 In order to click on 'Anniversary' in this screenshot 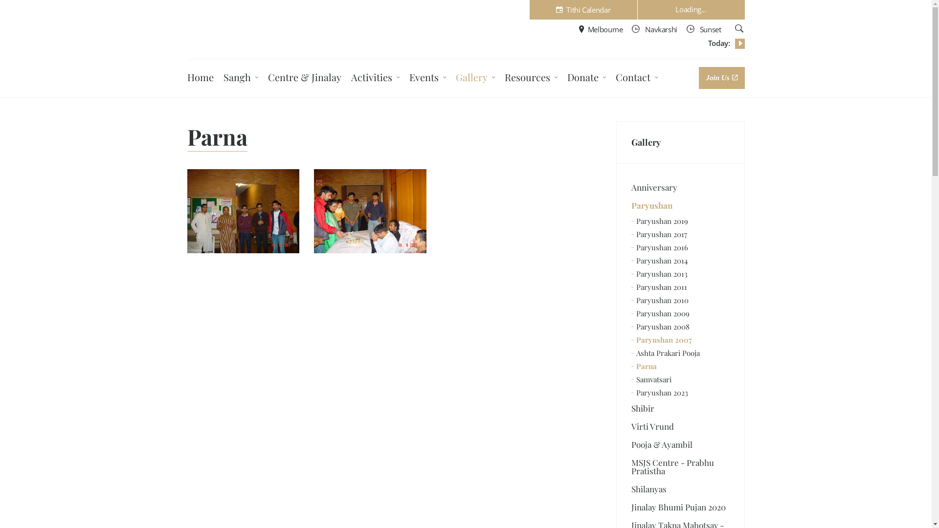, I will do `click(680, 187)`.